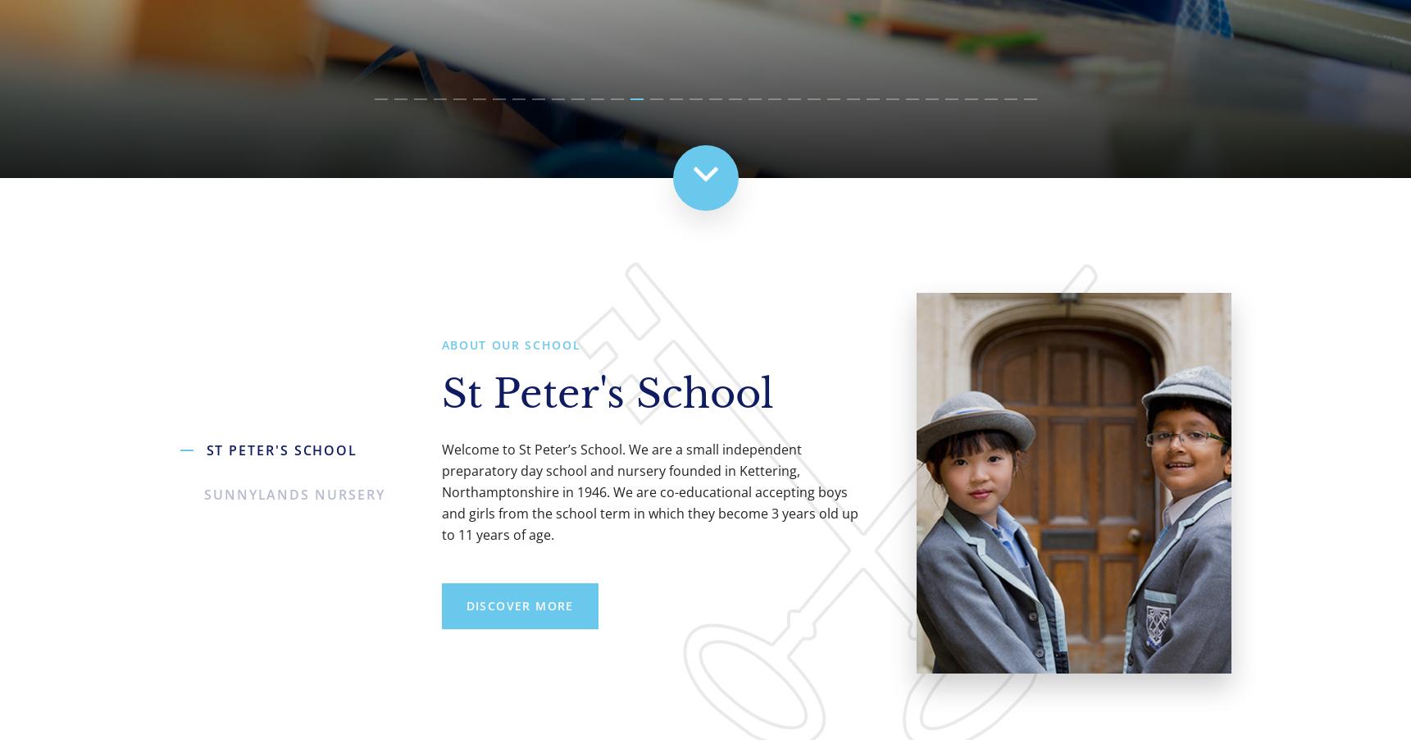  Describe the element at coordinates (703, 23) in the screenshot. I see `'St Peter's School, an independent day school in Kettering'` at that location.